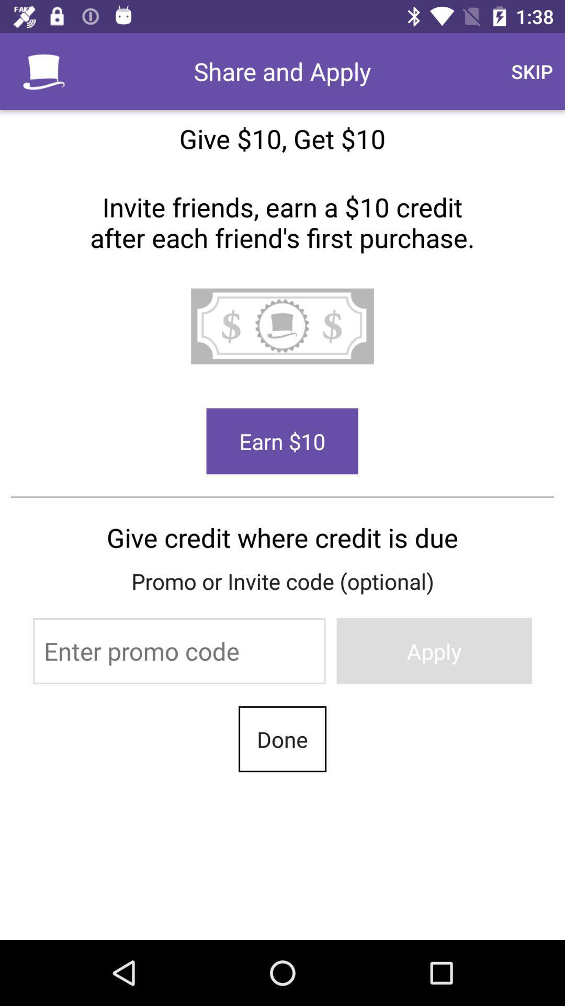 The height and width of the screenshot is (1006, 565). What do you see at coordinates (178, 650) in the screenshot?
I see `text box` at bounding box center [178, 650].